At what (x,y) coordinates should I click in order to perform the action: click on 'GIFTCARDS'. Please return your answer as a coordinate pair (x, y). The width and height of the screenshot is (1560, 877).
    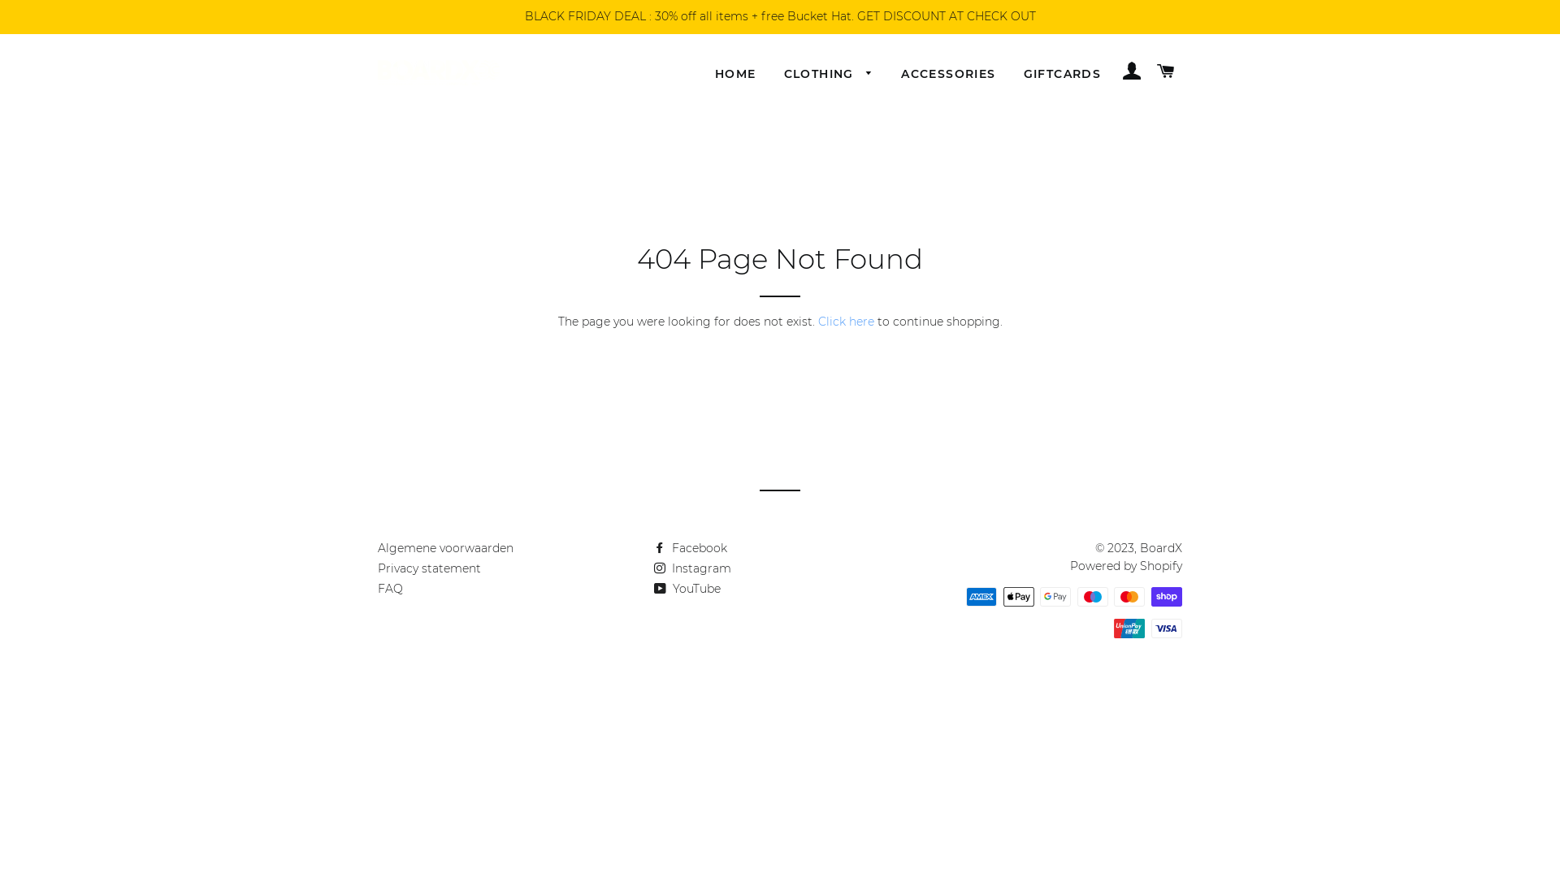
    Looking at the image, I should click on (1063, 75).